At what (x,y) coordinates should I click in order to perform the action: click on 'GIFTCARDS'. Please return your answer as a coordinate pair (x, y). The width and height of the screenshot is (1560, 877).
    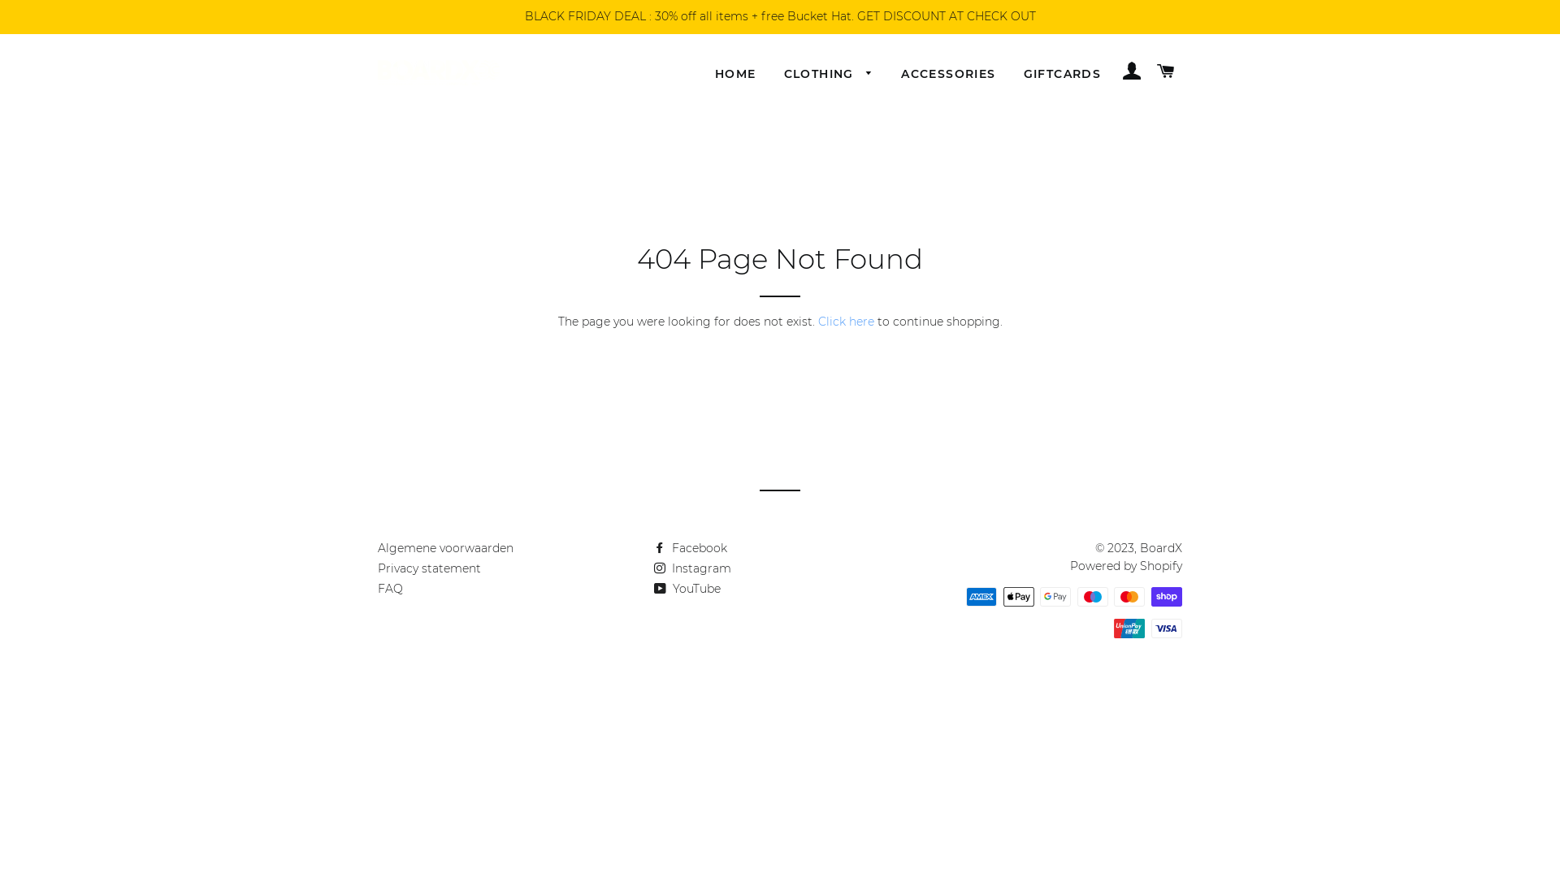
    Looking at the image, I should click on (1063, 75).